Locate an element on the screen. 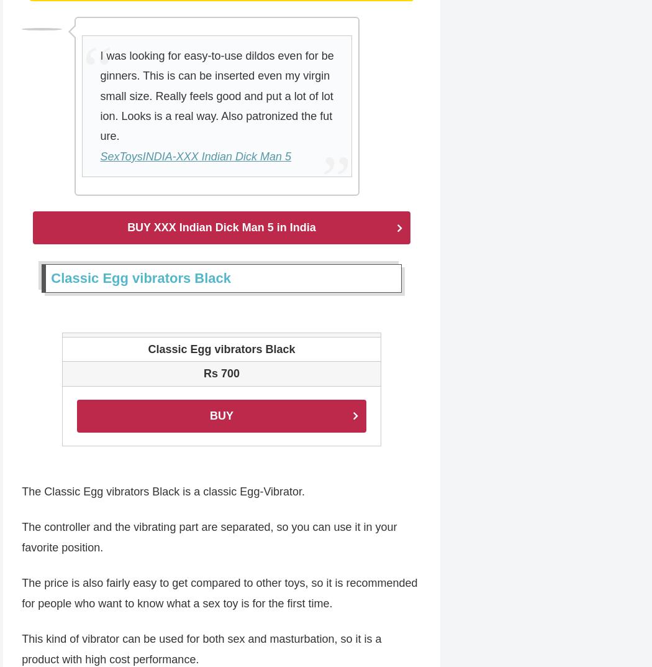 The width and height of the screenshot is (652, 667). 'This kind of vibrator can be used for both sex and masturbation, so it is a product with high cost performance.' is located at coordinates (201, 650).